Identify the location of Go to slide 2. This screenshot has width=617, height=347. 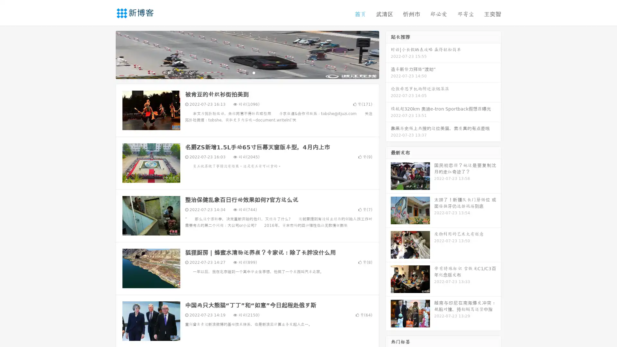
(247, 72).